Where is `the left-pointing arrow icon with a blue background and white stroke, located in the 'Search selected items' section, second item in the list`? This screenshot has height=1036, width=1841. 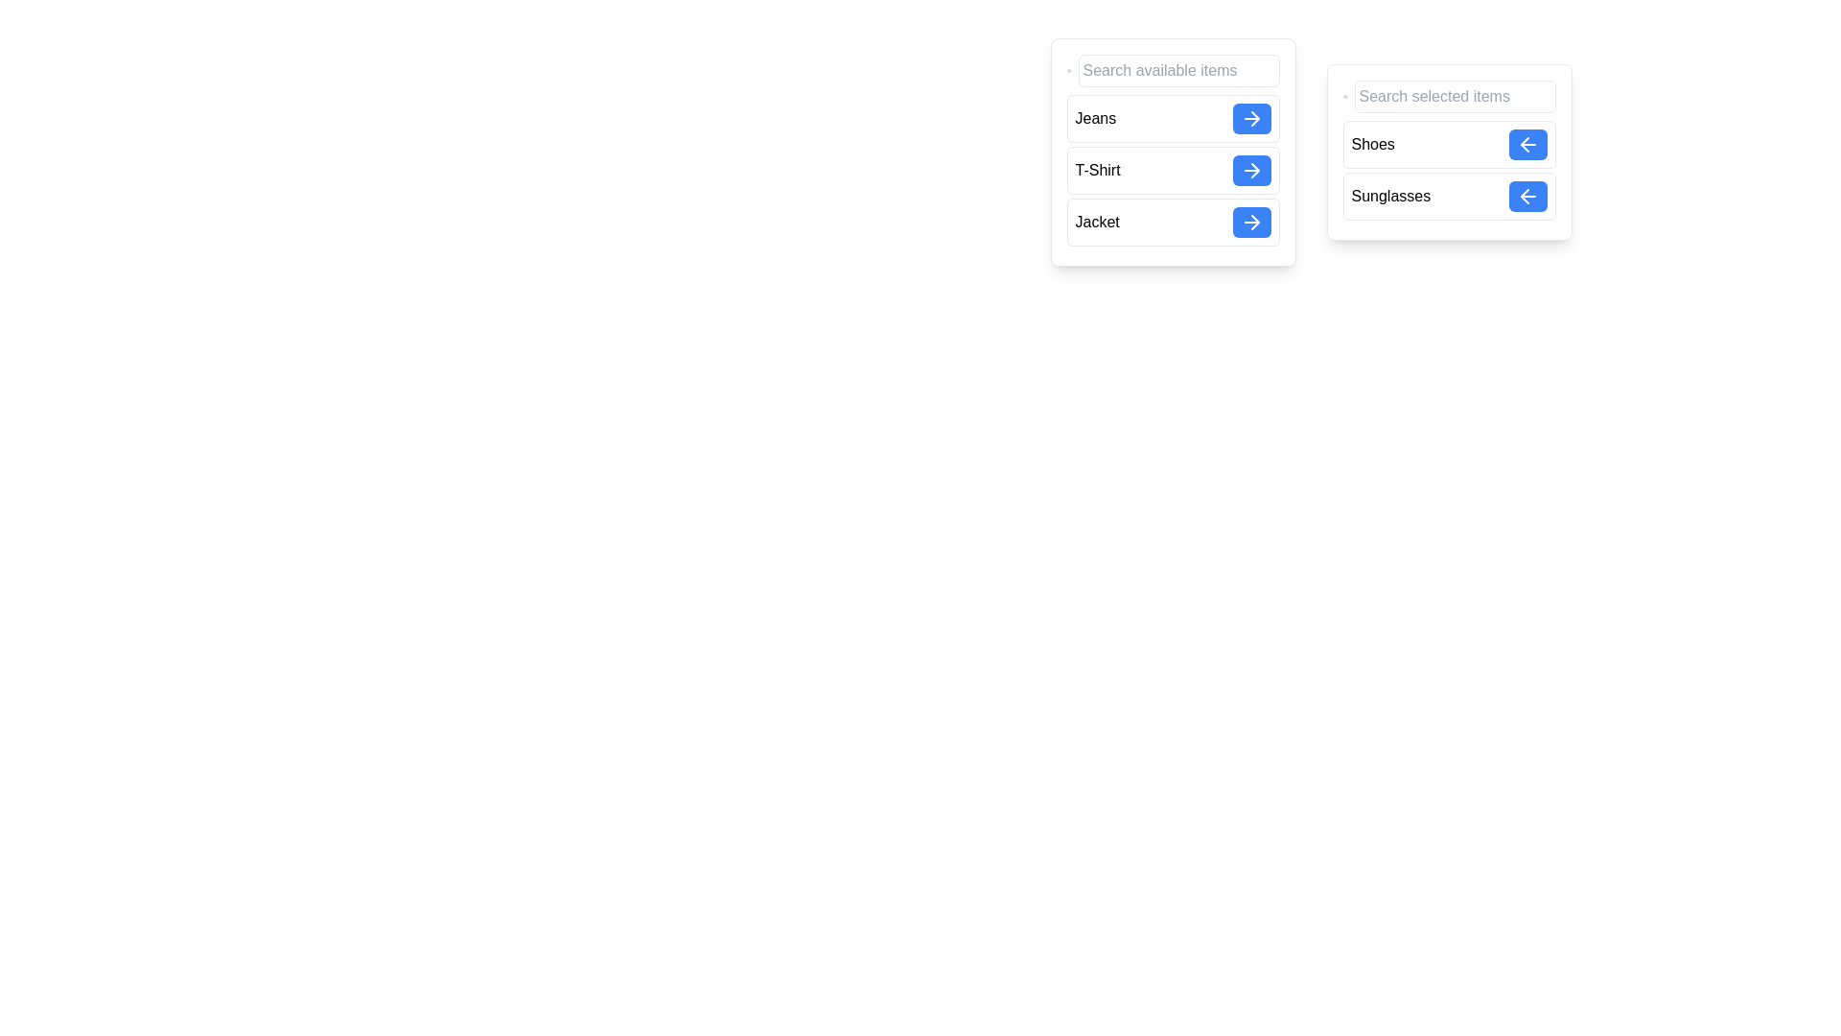 the left-pointing arrow icon with a blue background and white stroke, located in the 'Search selected items' section, second item in the list is located at coordinates (1526, 196).